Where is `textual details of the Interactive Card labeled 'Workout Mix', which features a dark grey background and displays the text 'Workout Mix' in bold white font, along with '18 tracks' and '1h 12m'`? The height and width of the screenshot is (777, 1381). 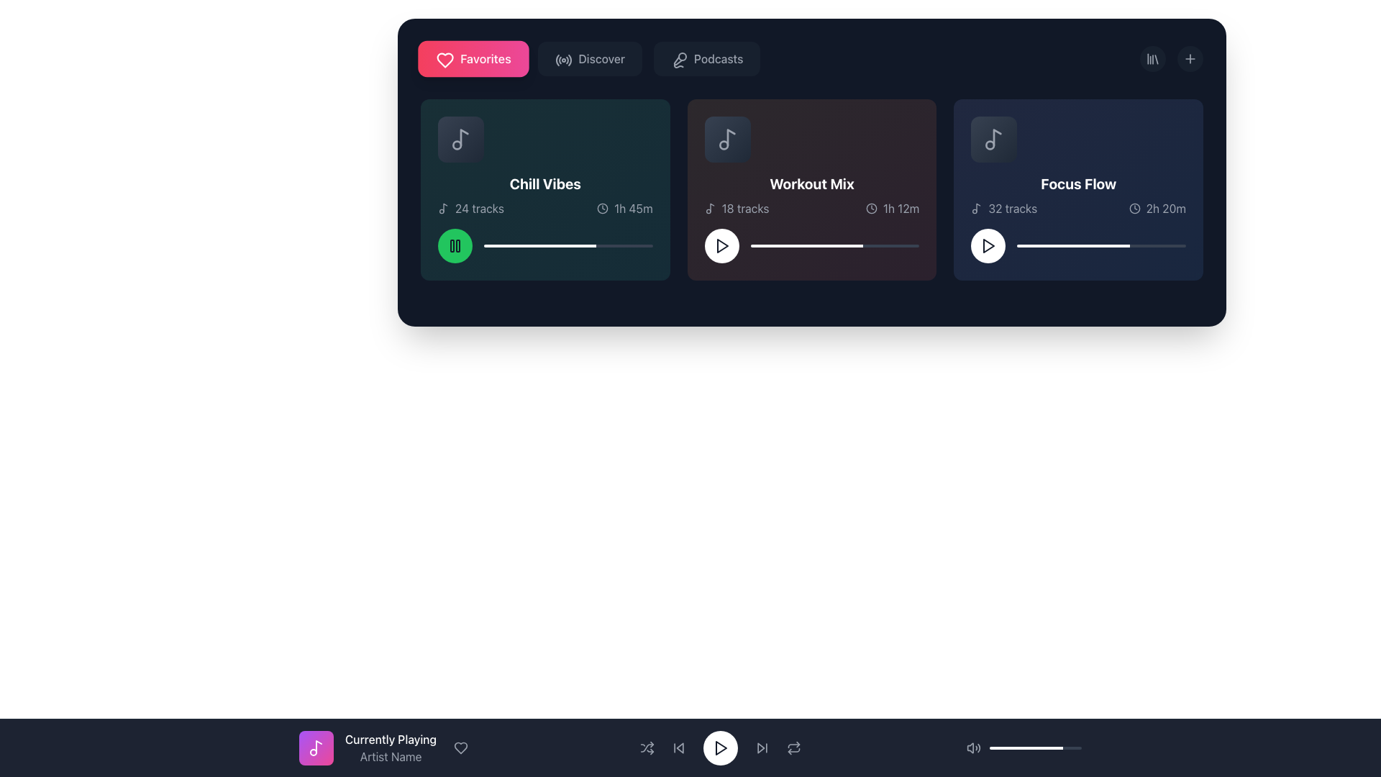
textual details of the Interactive Card labeled 'Workout Mix', which features a dark grey background and displays the text 'Workout Mix' in bold white font, along with '18 tracks' and '1h 12m' is located at coordinates (811, 188).